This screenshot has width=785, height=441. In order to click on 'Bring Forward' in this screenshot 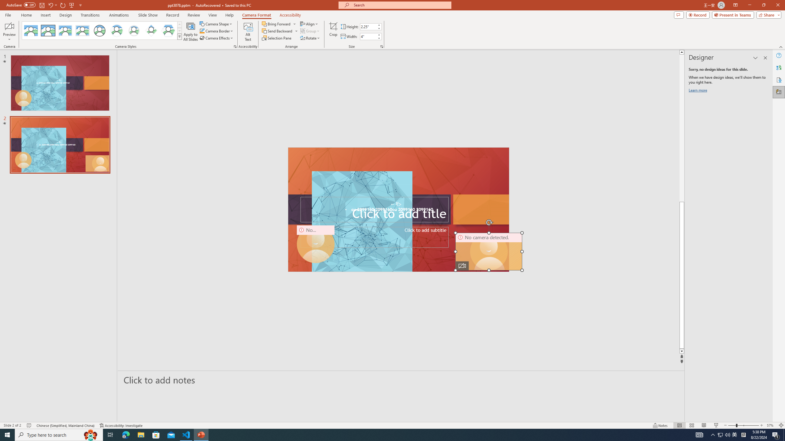, I will do `click(276, 24)`.